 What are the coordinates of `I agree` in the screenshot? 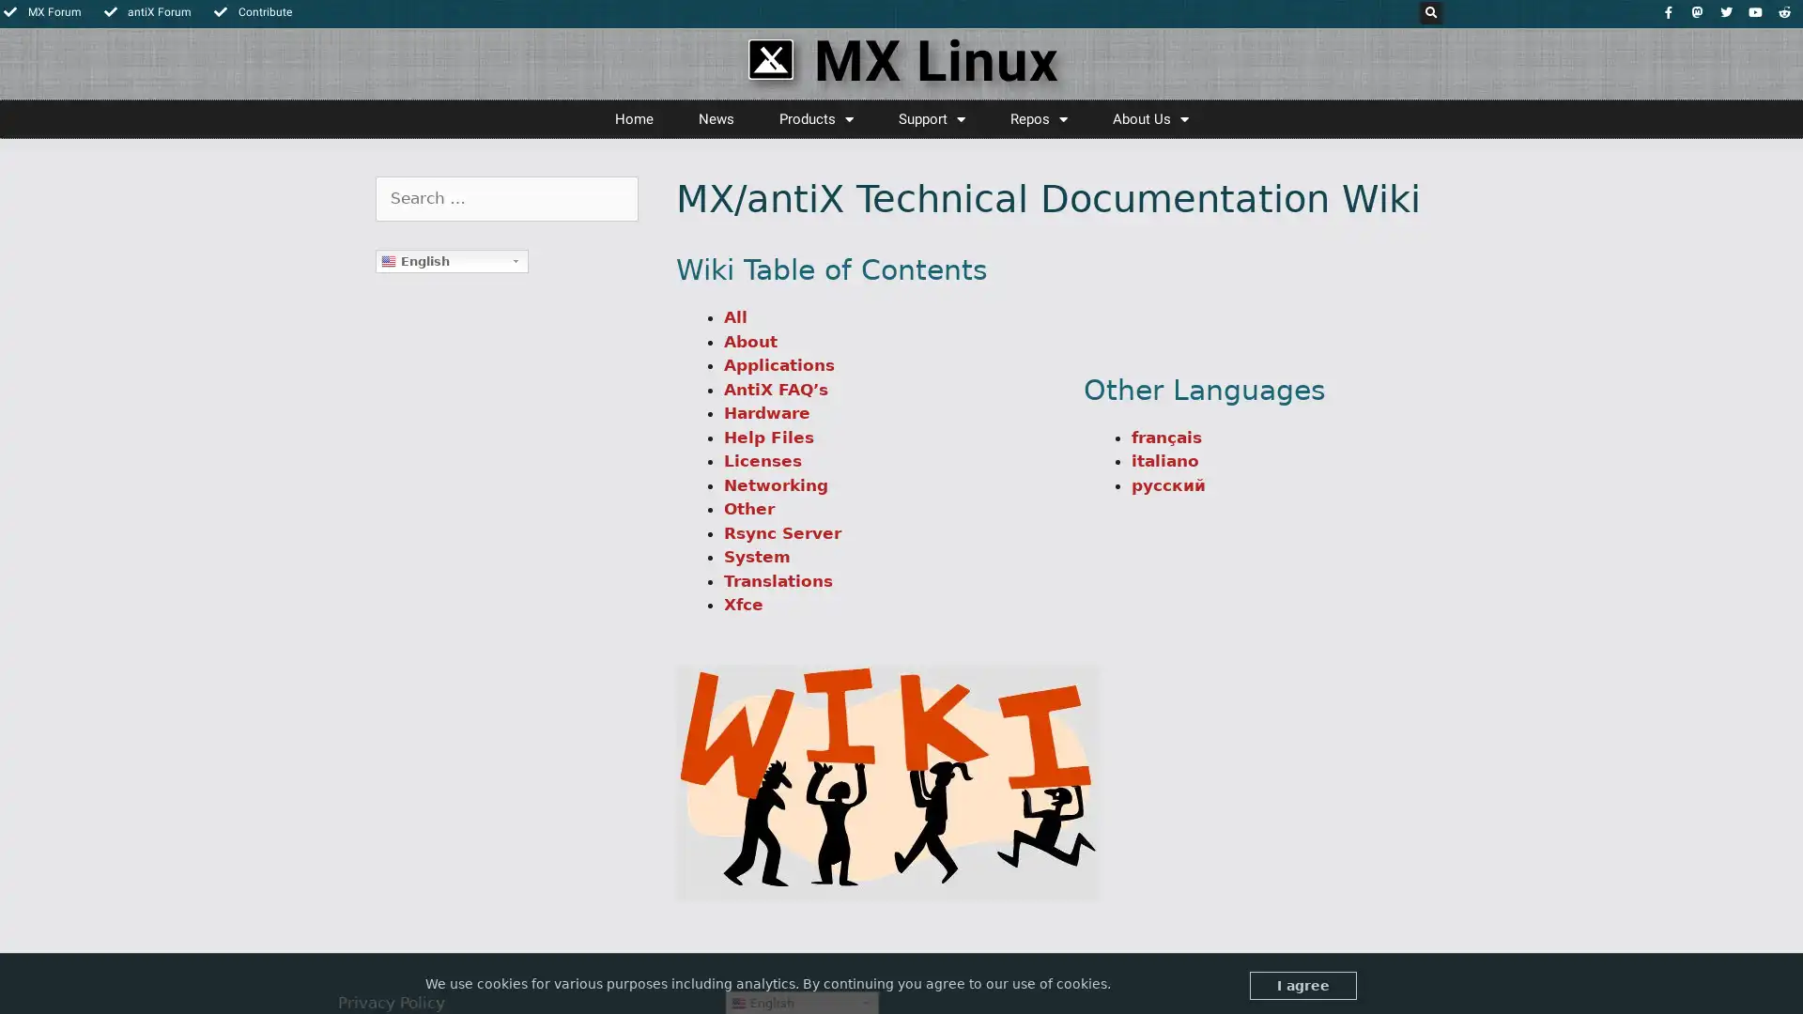 It's located at (1302, 984).